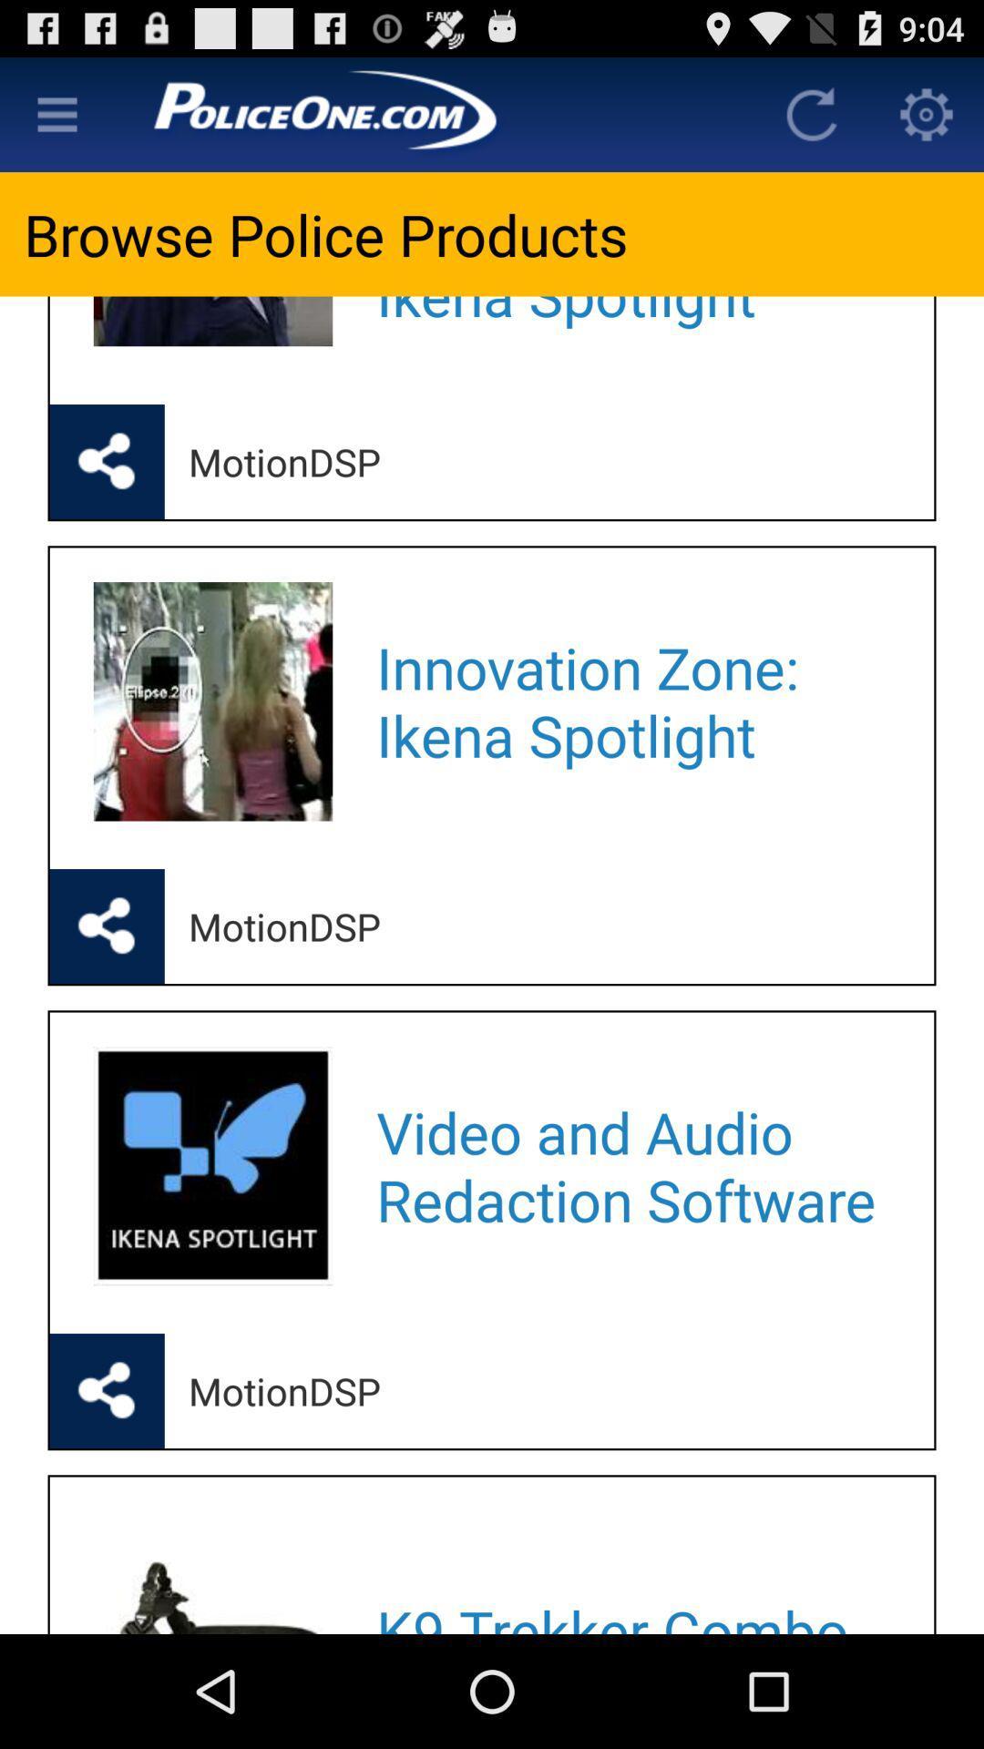  Describe the element at coordinates (630, 701) in the screenshot. I see `app above motiondsp item` at that location.